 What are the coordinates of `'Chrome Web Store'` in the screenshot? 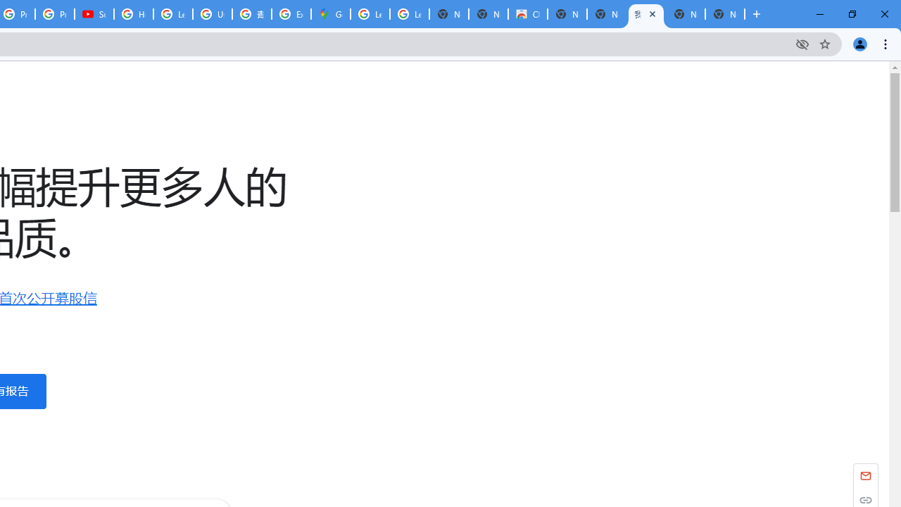 It's located at (527, 14).